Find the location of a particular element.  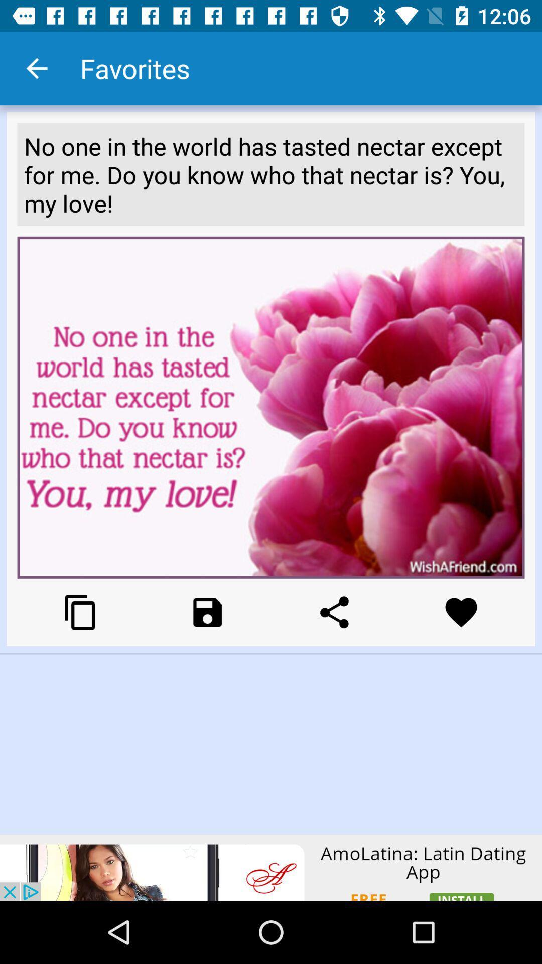

heart emoji is located at coordinates (461, 612).